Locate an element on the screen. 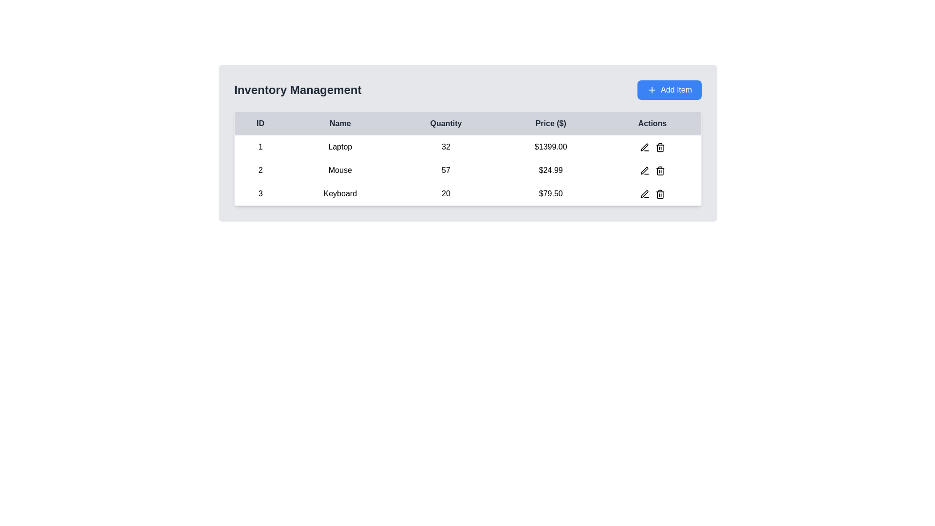  the first column field of the row corresponding to a 'Laptop' entry in the table is located at coordinates (260, 147).